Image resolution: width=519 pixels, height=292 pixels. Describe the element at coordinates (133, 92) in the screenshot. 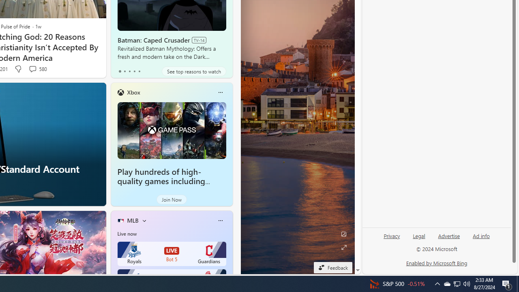

I see `'Xbox'` at that location.